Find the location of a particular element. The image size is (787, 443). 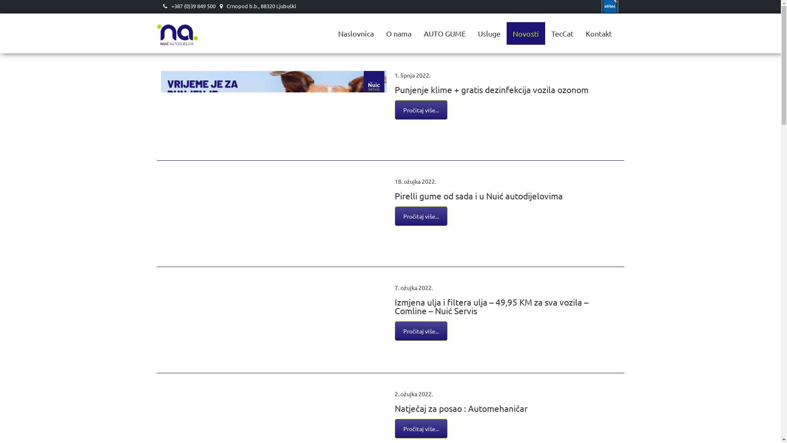

'TecCat' is located at coordinates (562, 33).